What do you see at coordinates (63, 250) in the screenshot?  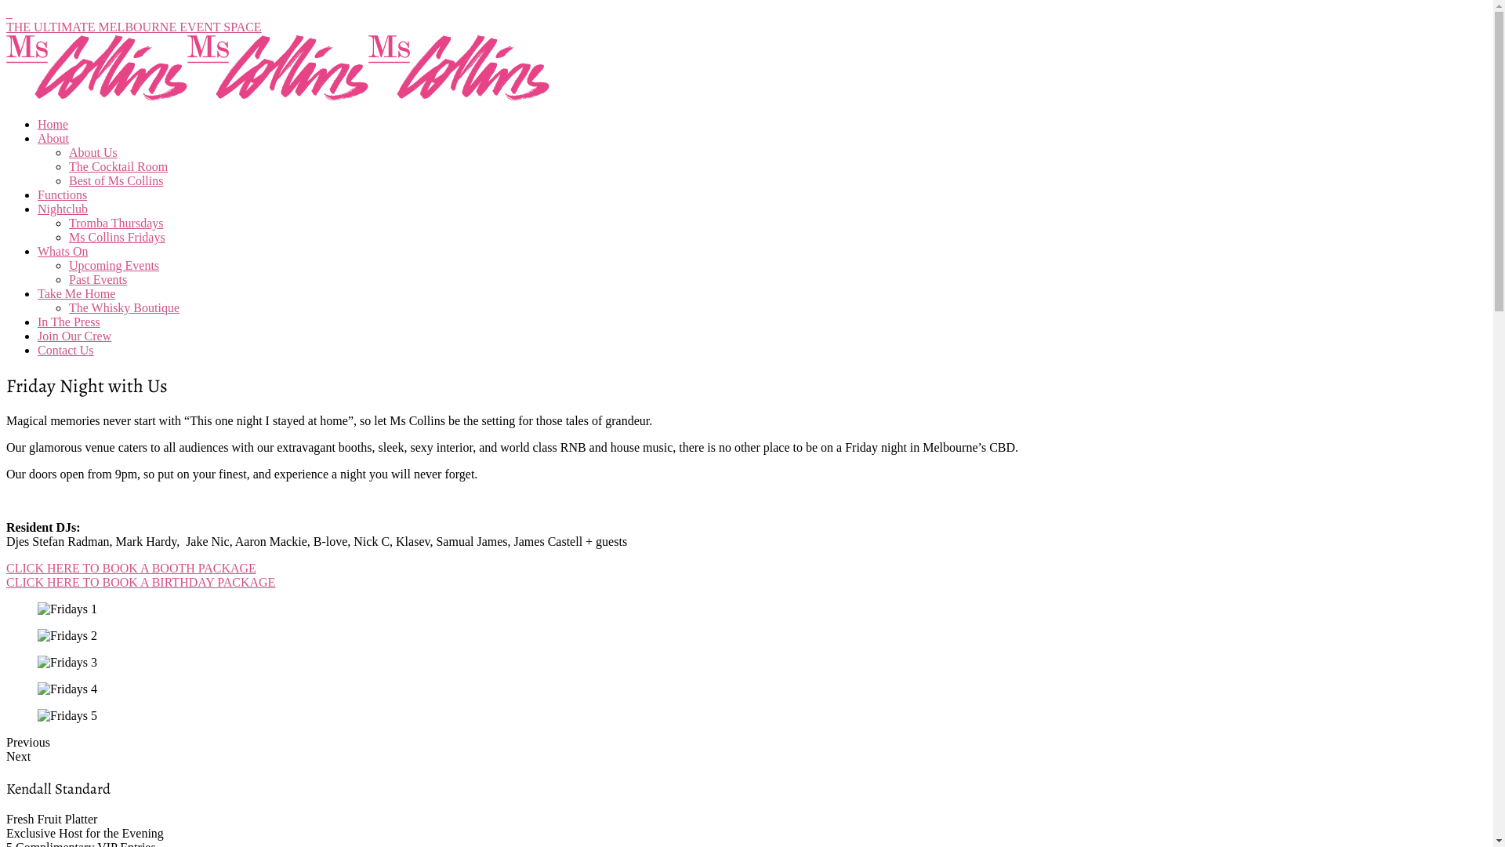 I see `'Whats On'` at bounding box center [63, 250].